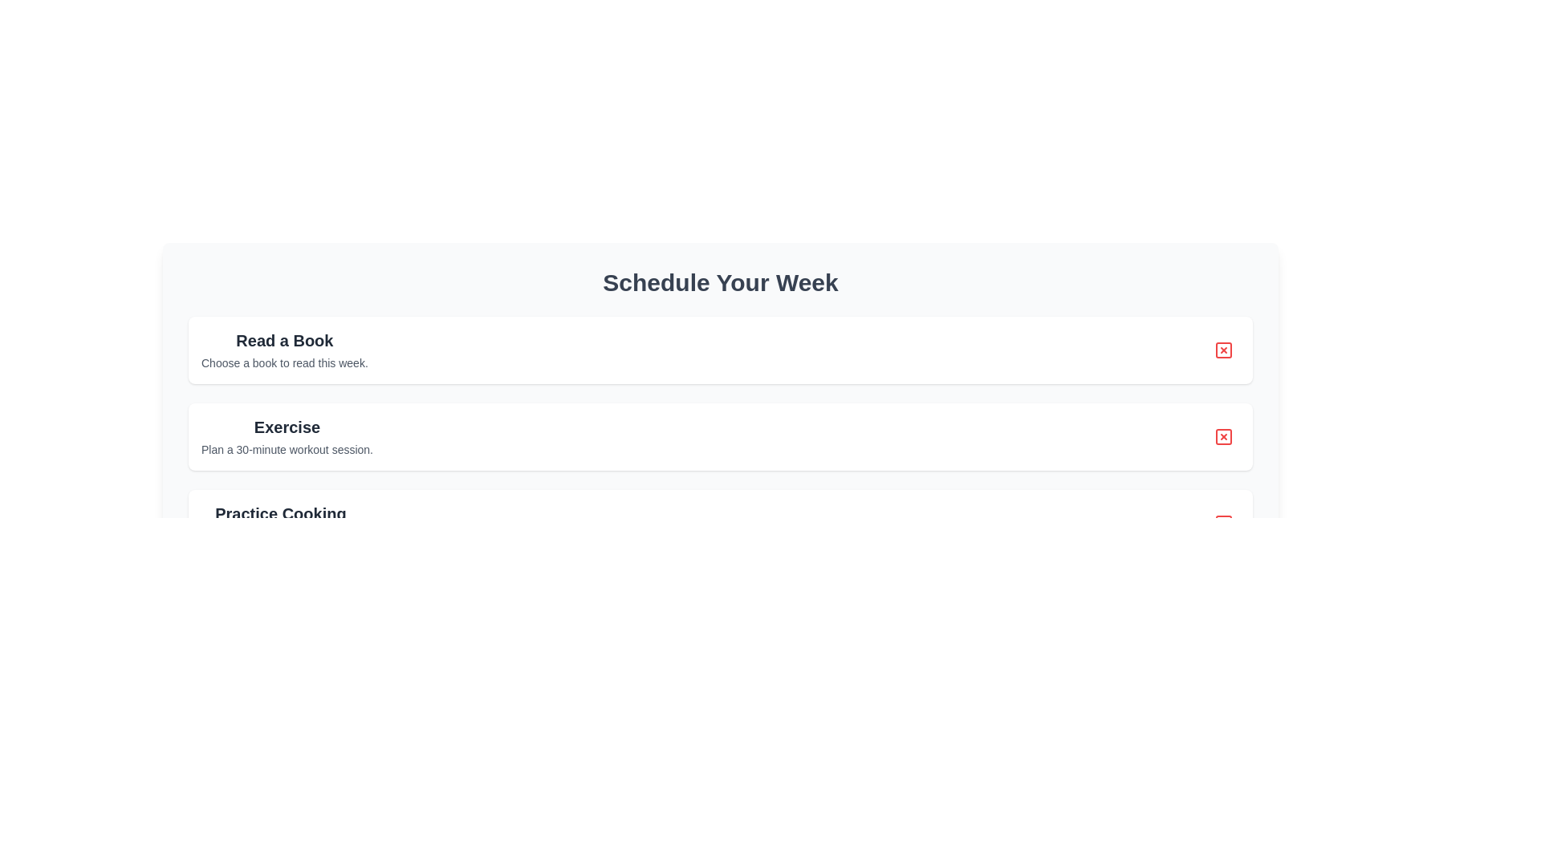  I want to click on text from the 'Practice Cooking' text block, which includes the header in bold and the descriptive text below it, located within the third card of three vertically stacked cards, so click(281, 523).